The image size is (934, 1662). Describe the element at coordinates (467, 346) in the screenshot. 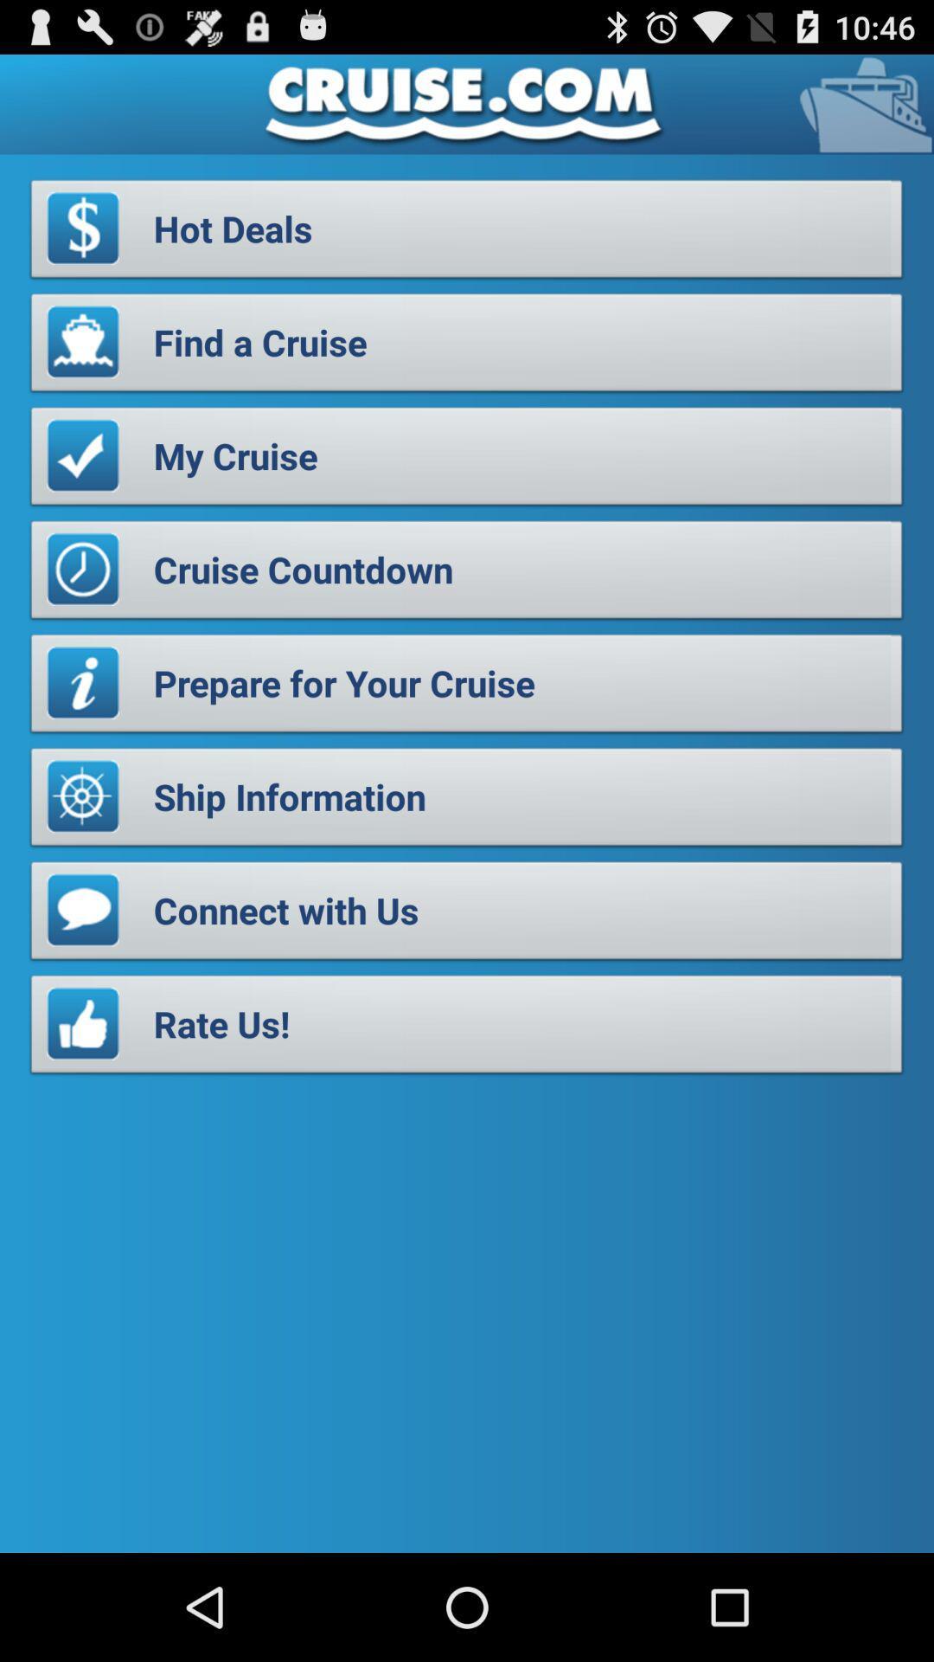

I see `the button below hot deals` at that location.